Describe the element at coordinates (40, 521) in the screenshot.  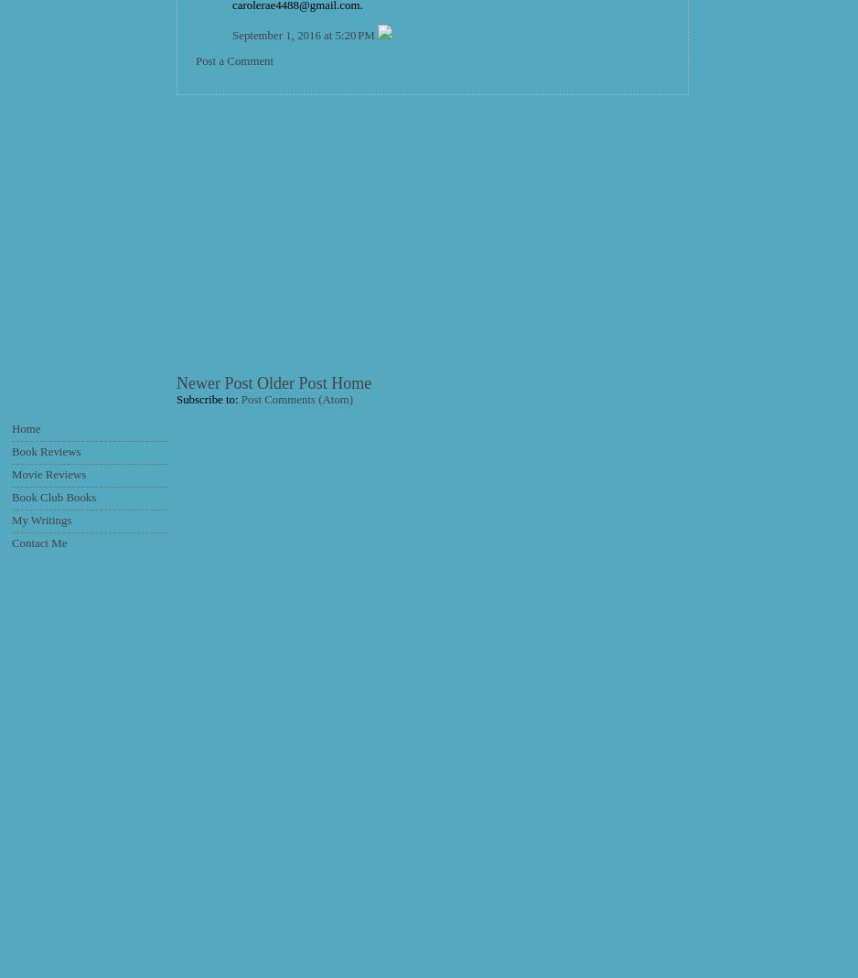
I see `'My Writings'` at that location.